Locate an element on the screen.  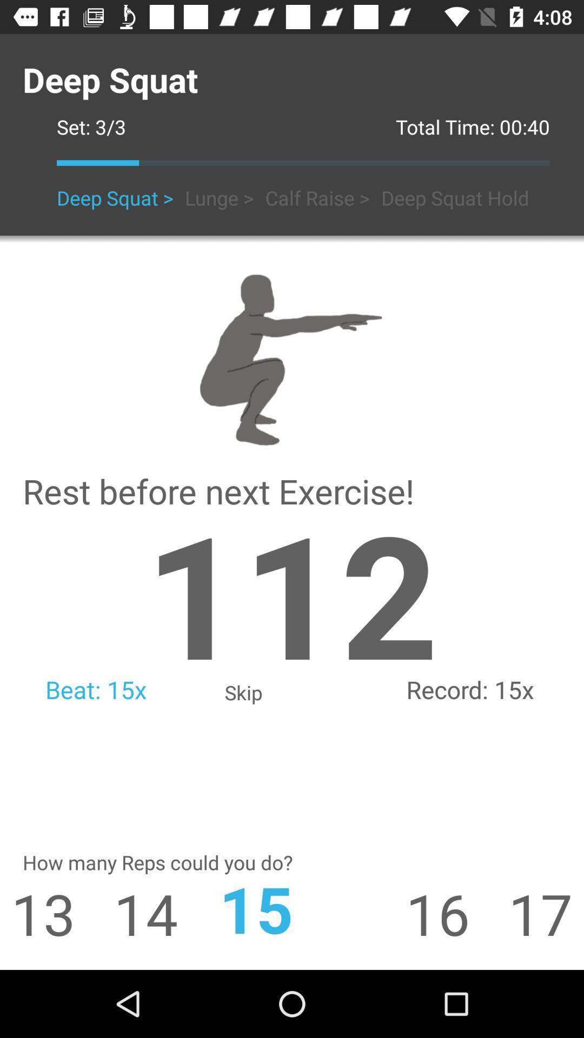
16 icon is located at coordinates (457, 913).